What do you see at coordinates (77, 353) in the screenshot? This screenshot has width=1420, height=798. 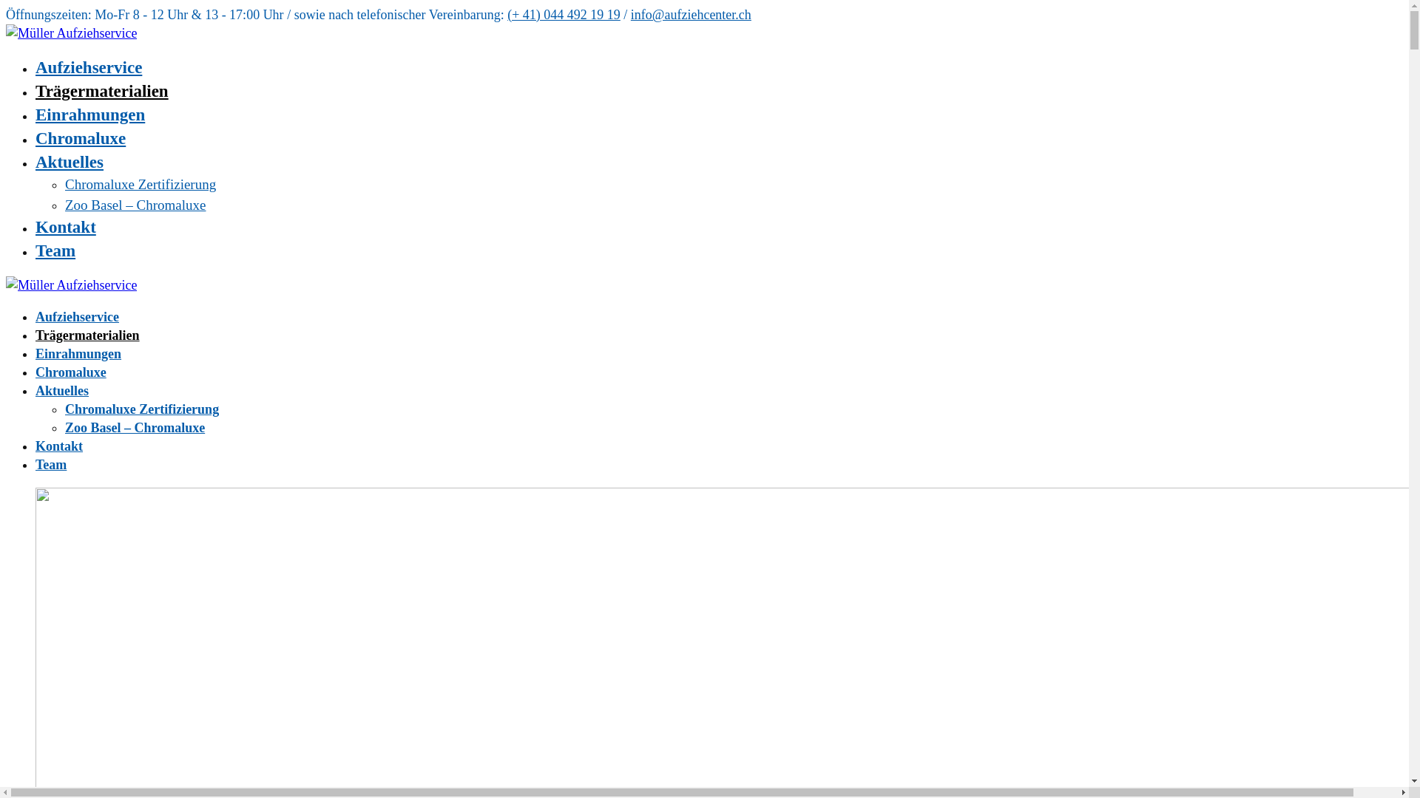 I see `'Einrahmungen'` at bounding box center [77, 353].